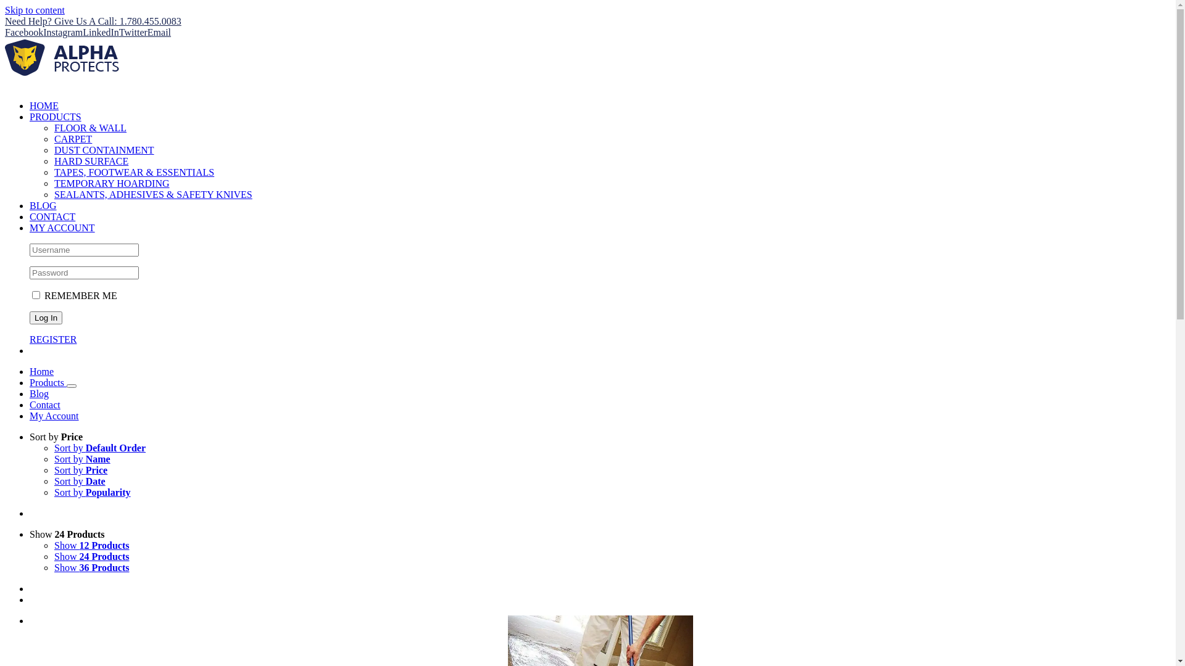  Describe the element at coordinates (104, 149) in the screenshot. I see `'DUST CONTAINMENT'` at that location.